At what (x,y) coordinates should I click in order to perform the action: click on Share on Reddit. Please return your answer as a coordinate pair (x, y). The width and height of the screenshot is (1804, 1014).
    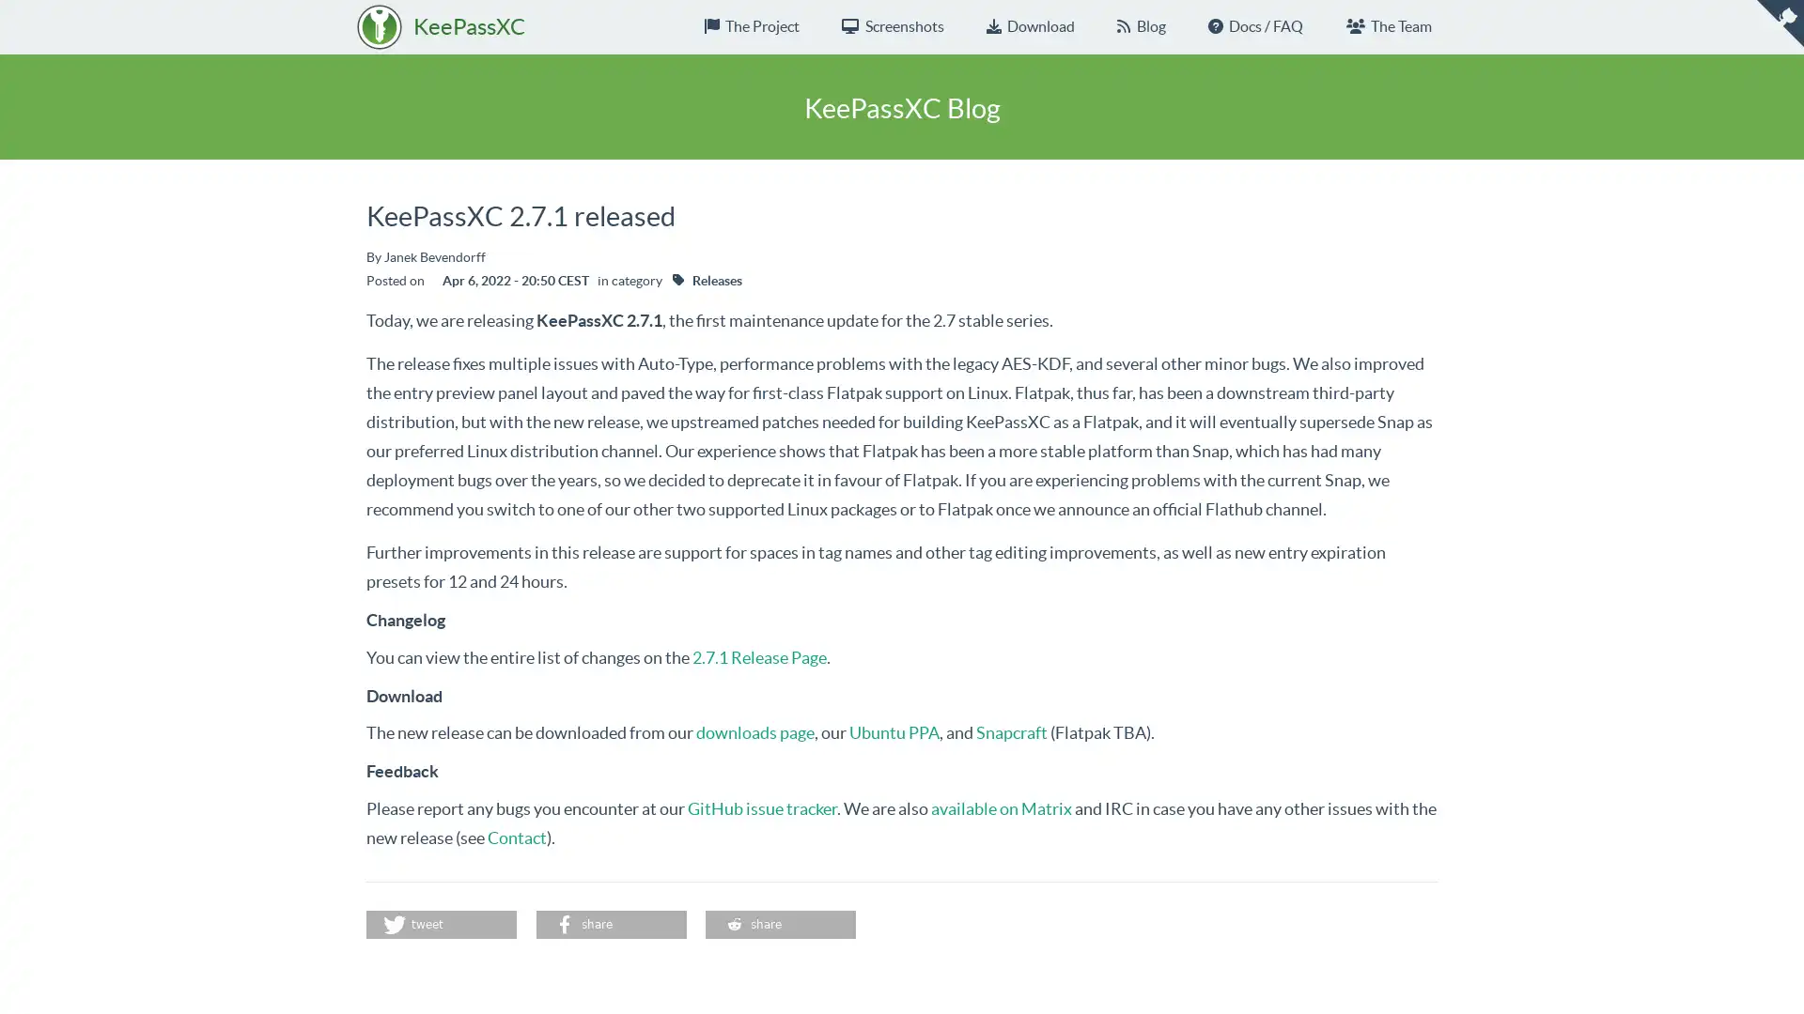
    Looking at the image, I should click on (780, 923).